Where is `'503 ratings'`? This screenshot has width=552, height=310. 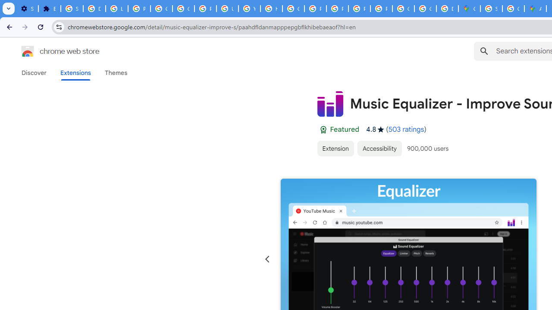
'503 ratings' is located at coordinates (406, 129).